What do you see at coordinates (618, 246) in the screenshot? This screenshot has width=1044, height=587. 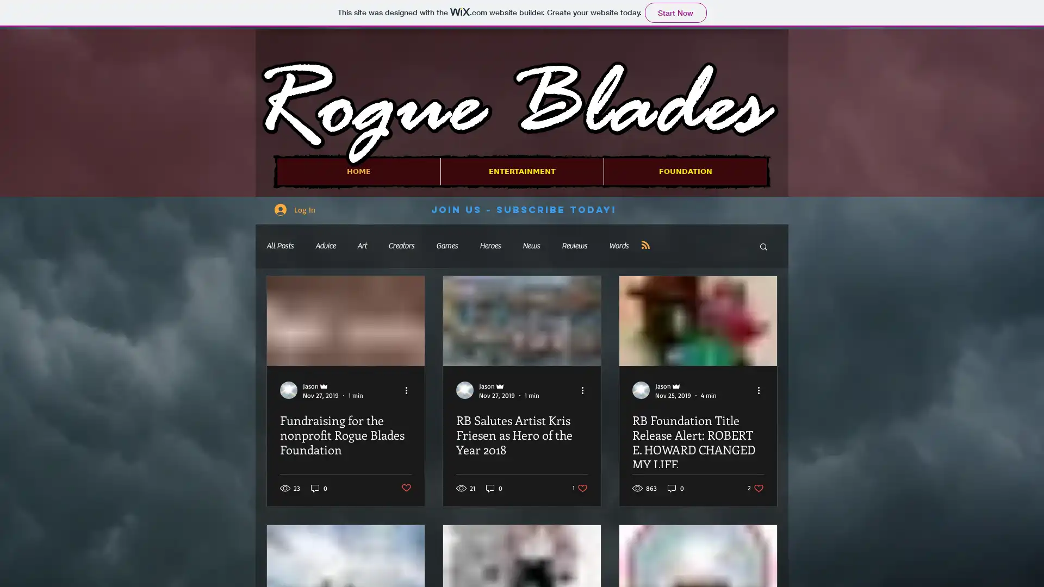 I see `Words` at bounding box center [618, 246].